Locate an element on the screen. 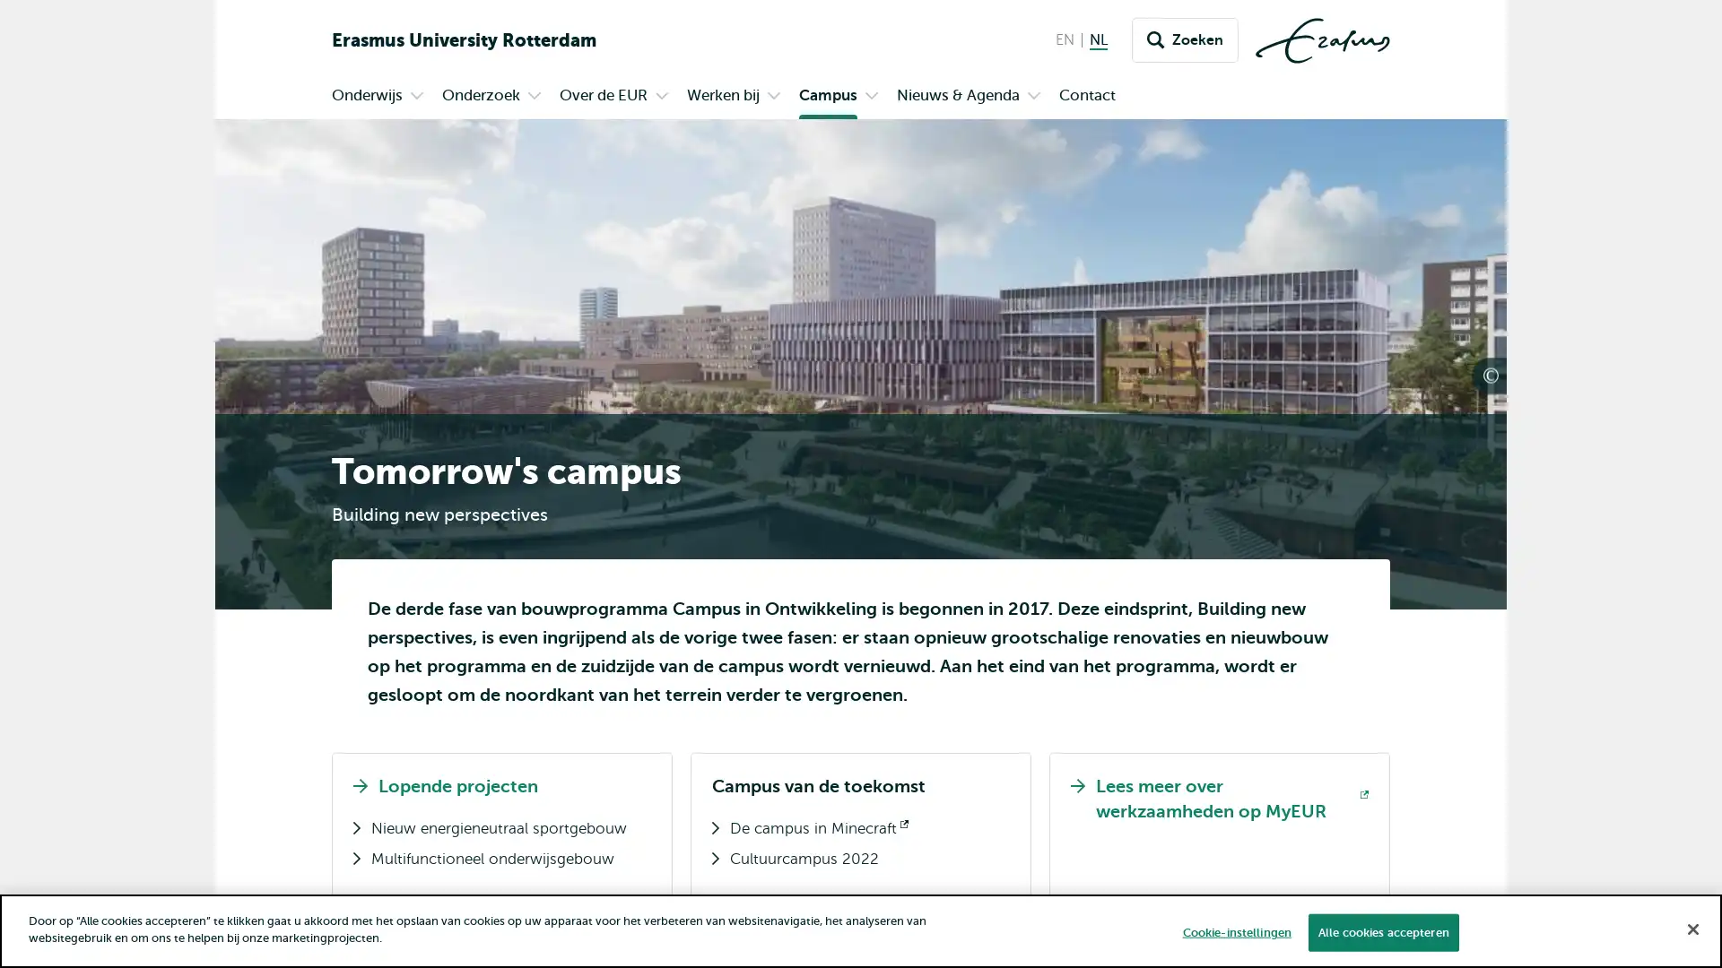  Open submenu is located at coordinates (661, 97).